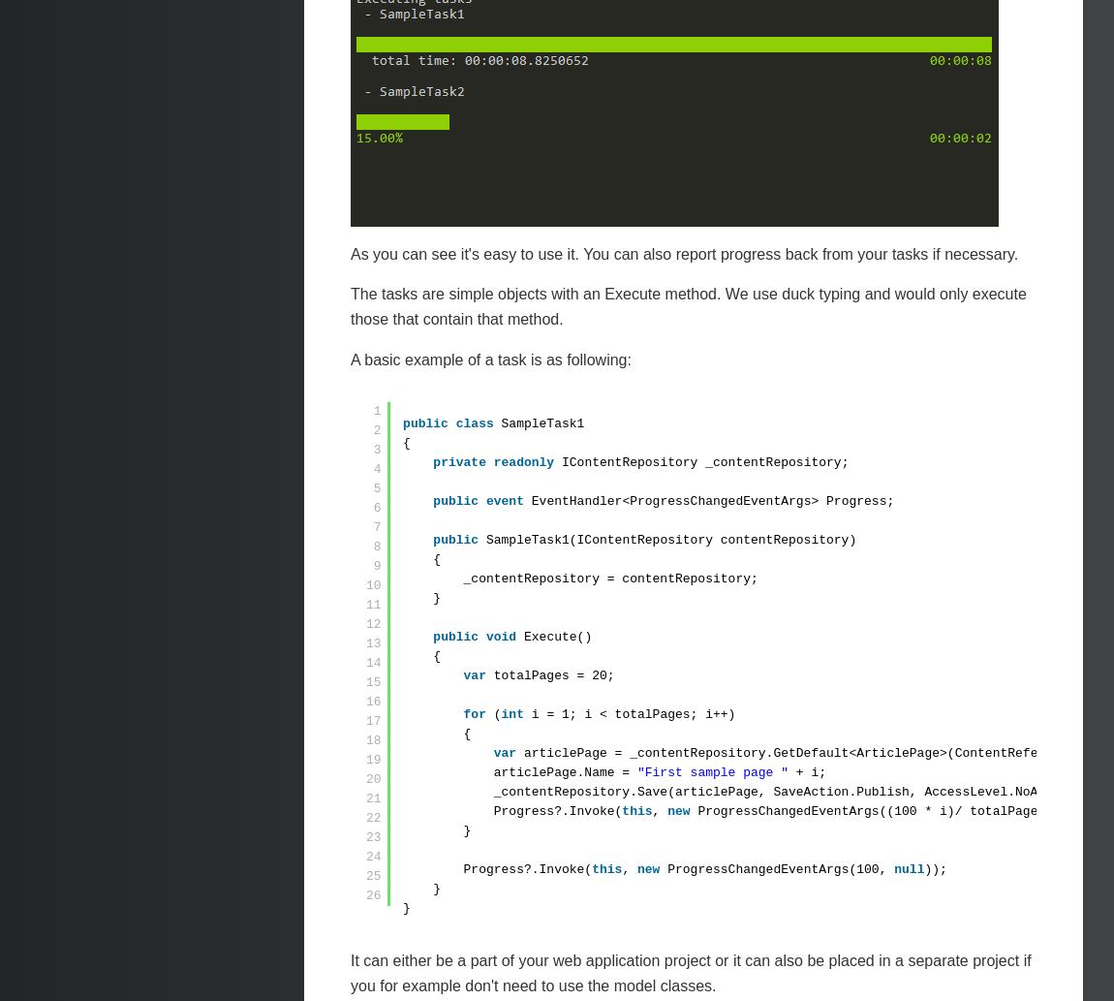  What do you see at coordinates (373, 584) in the screenshot?
I see `'10'` at bounding box center [373, 584].